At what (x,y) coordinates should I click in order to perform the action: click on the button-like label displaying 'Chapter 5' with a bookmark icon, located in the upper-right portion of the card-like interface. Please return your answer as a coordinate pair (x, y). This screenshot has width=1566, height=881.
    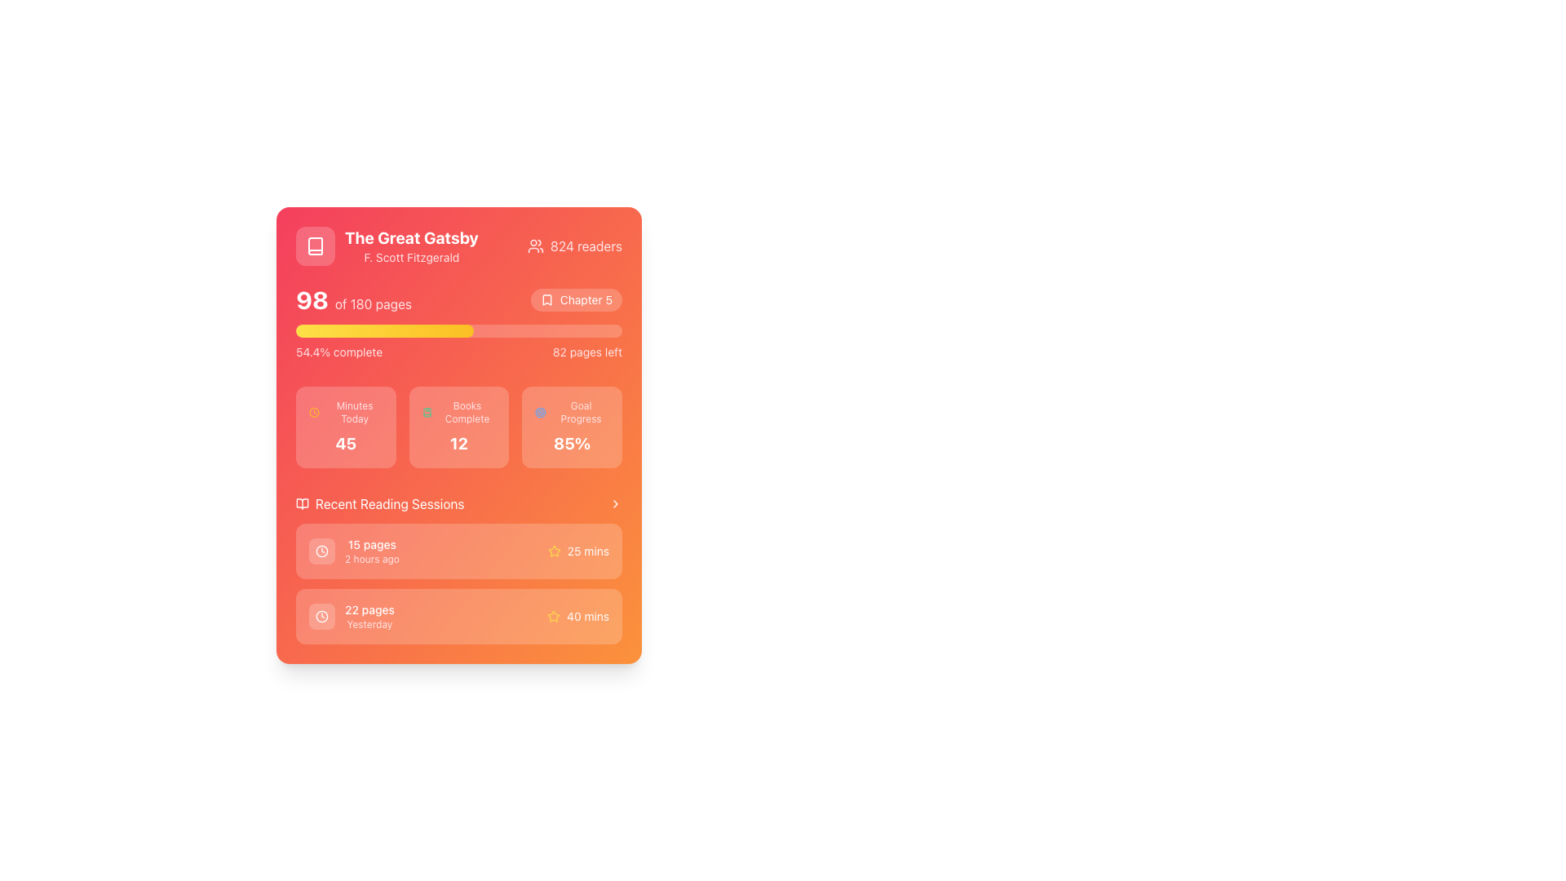
    Looking at the image, I should click on (576, 299).